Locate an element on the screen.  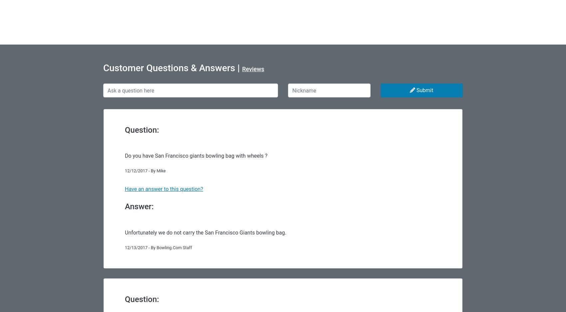
'12/13/2017 - By' is located at coordinates (140, 247).